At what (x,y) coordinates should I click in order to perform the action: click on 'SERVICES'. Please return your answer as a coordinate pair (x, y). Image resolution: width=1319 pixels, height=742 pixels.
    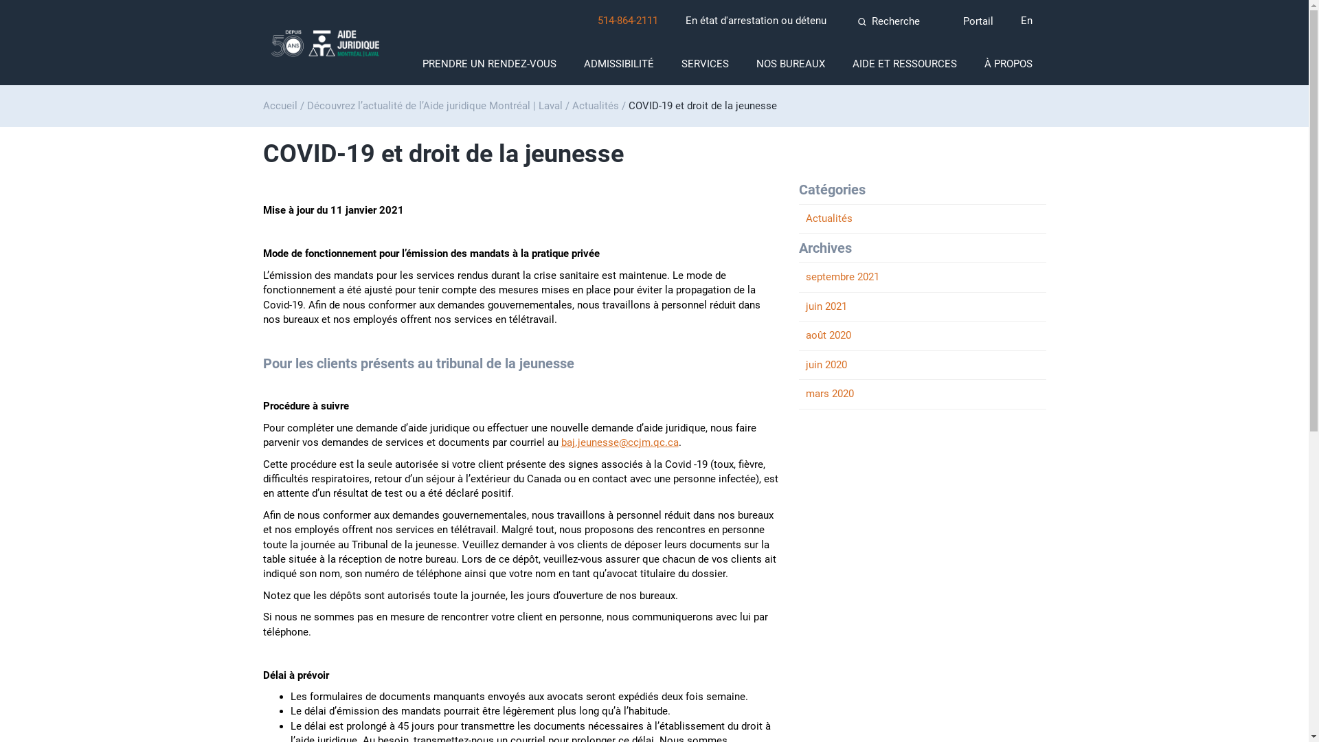
    Looking at the image, I should click on (705, 64).